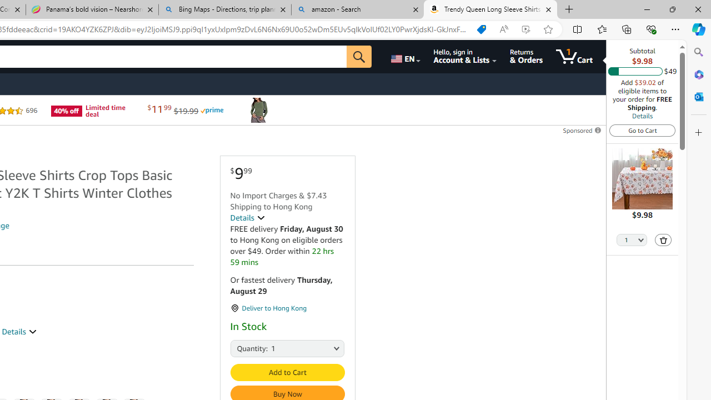 The height and width of the screenshot is (400, 711). What do you see at coordinates (525, 56) in the screenshot?
I see `'Returns & Orders'` at bounding box center [525, 56].